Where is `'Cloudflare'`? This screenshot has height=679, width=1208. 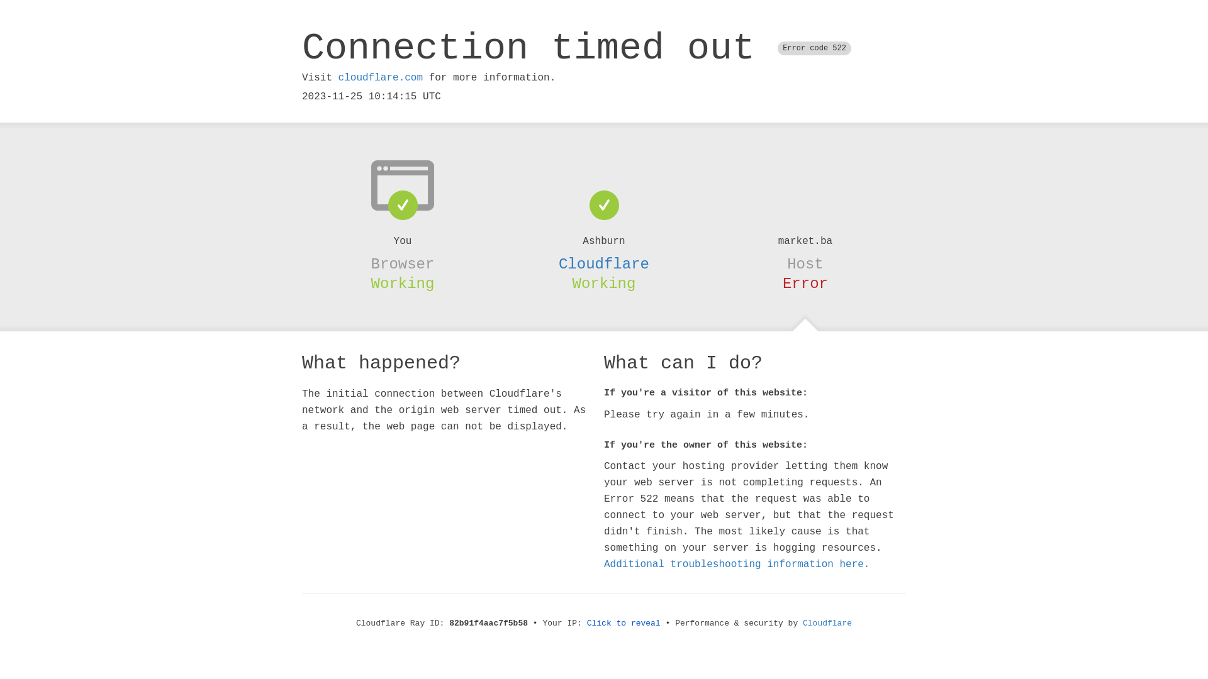
'Cloudflare' is located at coordinates (558, 263).